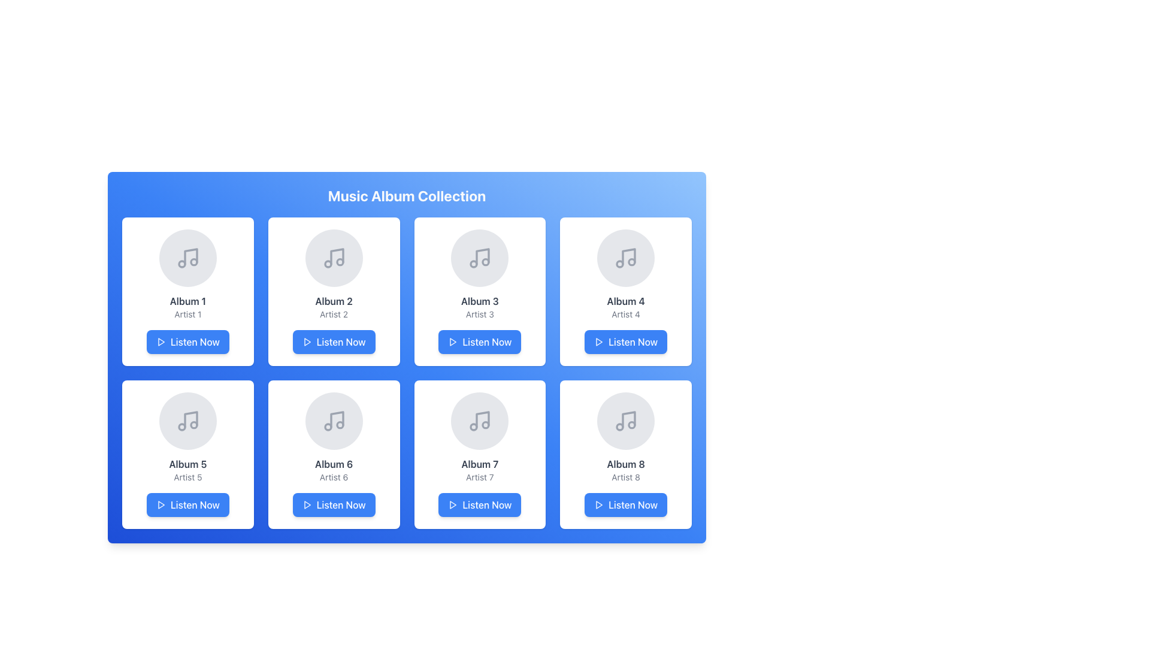  I want to click on the play button located in the bottom-left corner of the 'Album 5' card, so click(187, 505).